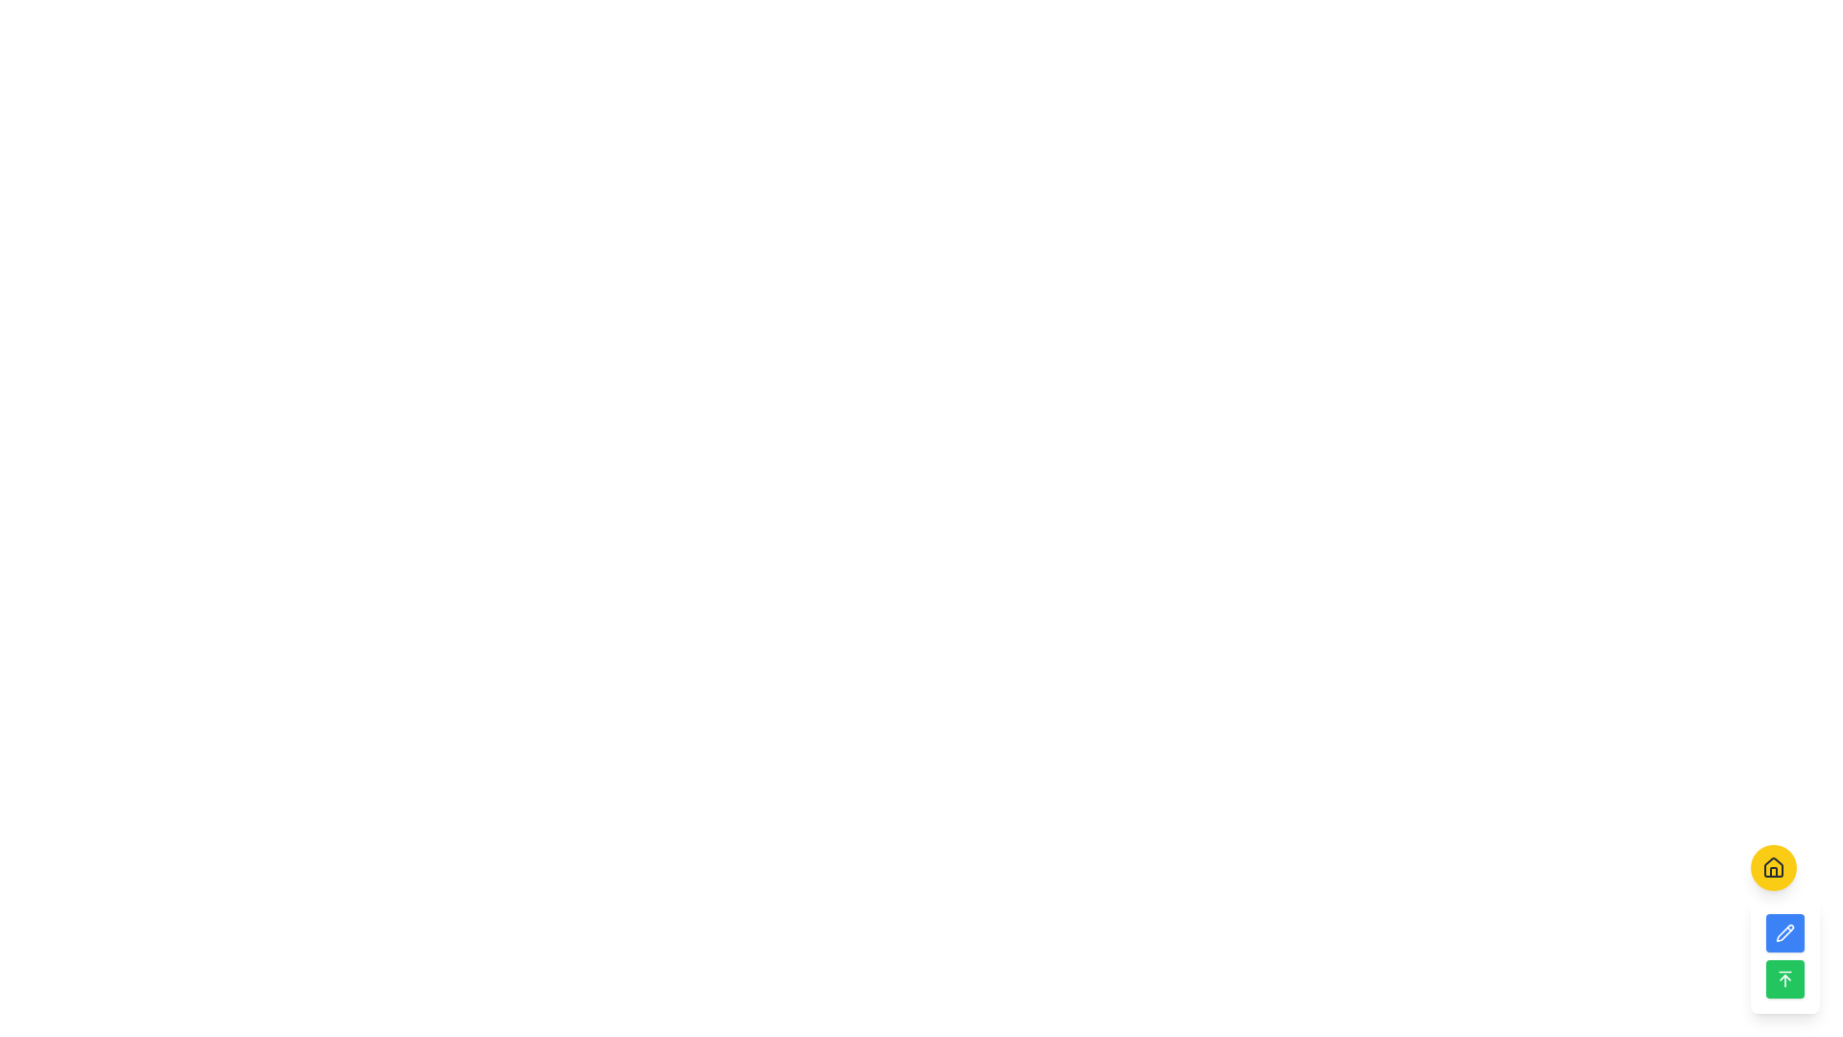 The height and width of the screenshot is (1037, 1843). What do you see at coordinates (1784, 932) in the screenshot?
I see `the square blue button with a white pencil icon` at bounding box center [1784, 932].